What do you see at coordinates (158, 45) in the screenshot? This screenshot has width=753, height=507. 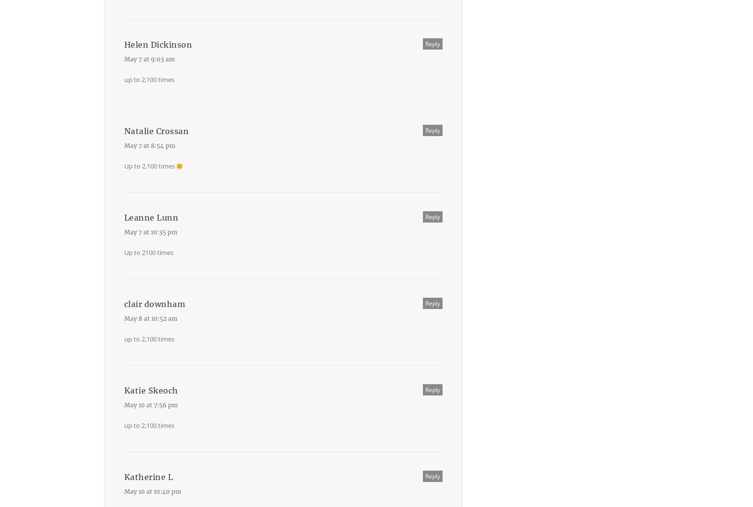 I see `'Helen Dickinson'` at bounding box center [158, 45].